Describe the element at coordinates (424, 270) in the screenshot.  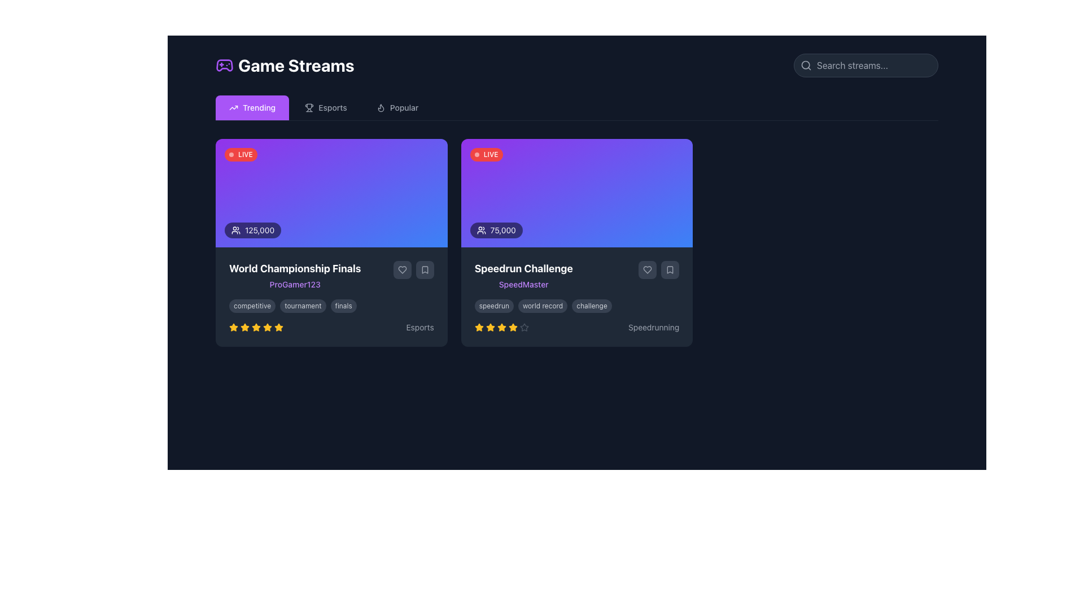
I see `the bookmark icon located inside the circular button at the bottom right corner of the first content card to bookmark the associated content` at that location.